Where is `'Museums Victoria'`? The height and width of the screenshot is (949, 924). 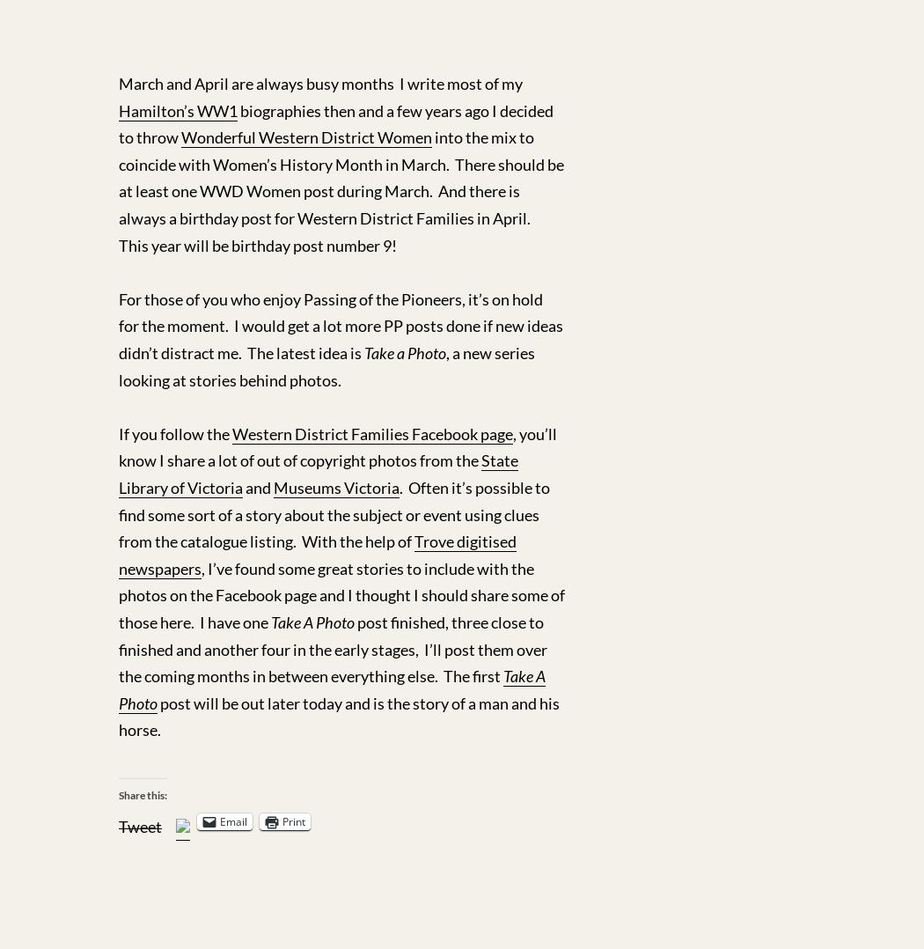
'Museums Victoria' is located at coordinates (336, 486).